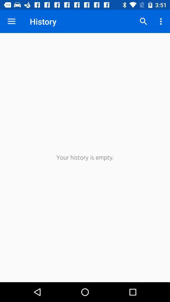  Describe the element at coordinates (143, 21) in the screenshot. I see `icon next to the history icon` at that location.